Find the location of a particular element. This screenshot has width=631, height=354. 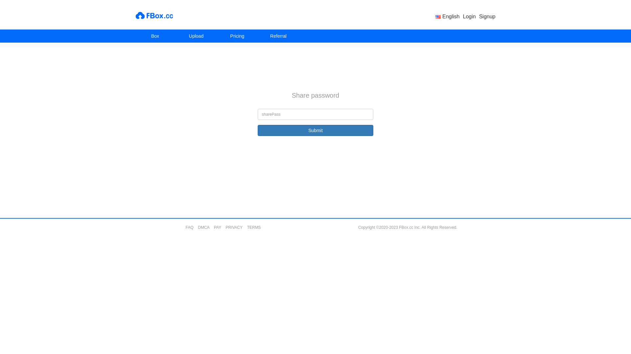

'Pricing' is located at coordinates (237, 36).